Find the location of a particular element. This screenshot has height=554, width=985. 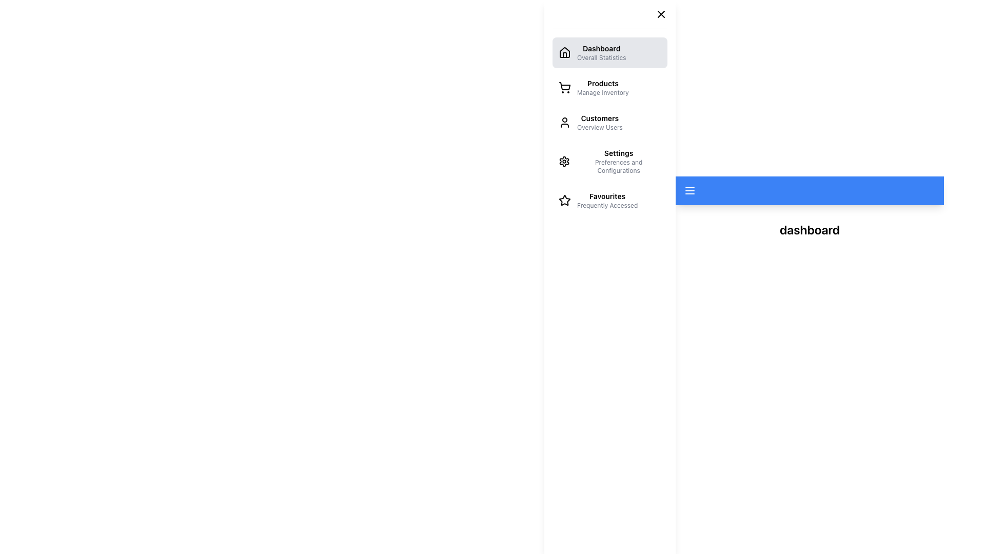

the shopping cart icon located in the navigation menu is located at coordinates (564, 86).